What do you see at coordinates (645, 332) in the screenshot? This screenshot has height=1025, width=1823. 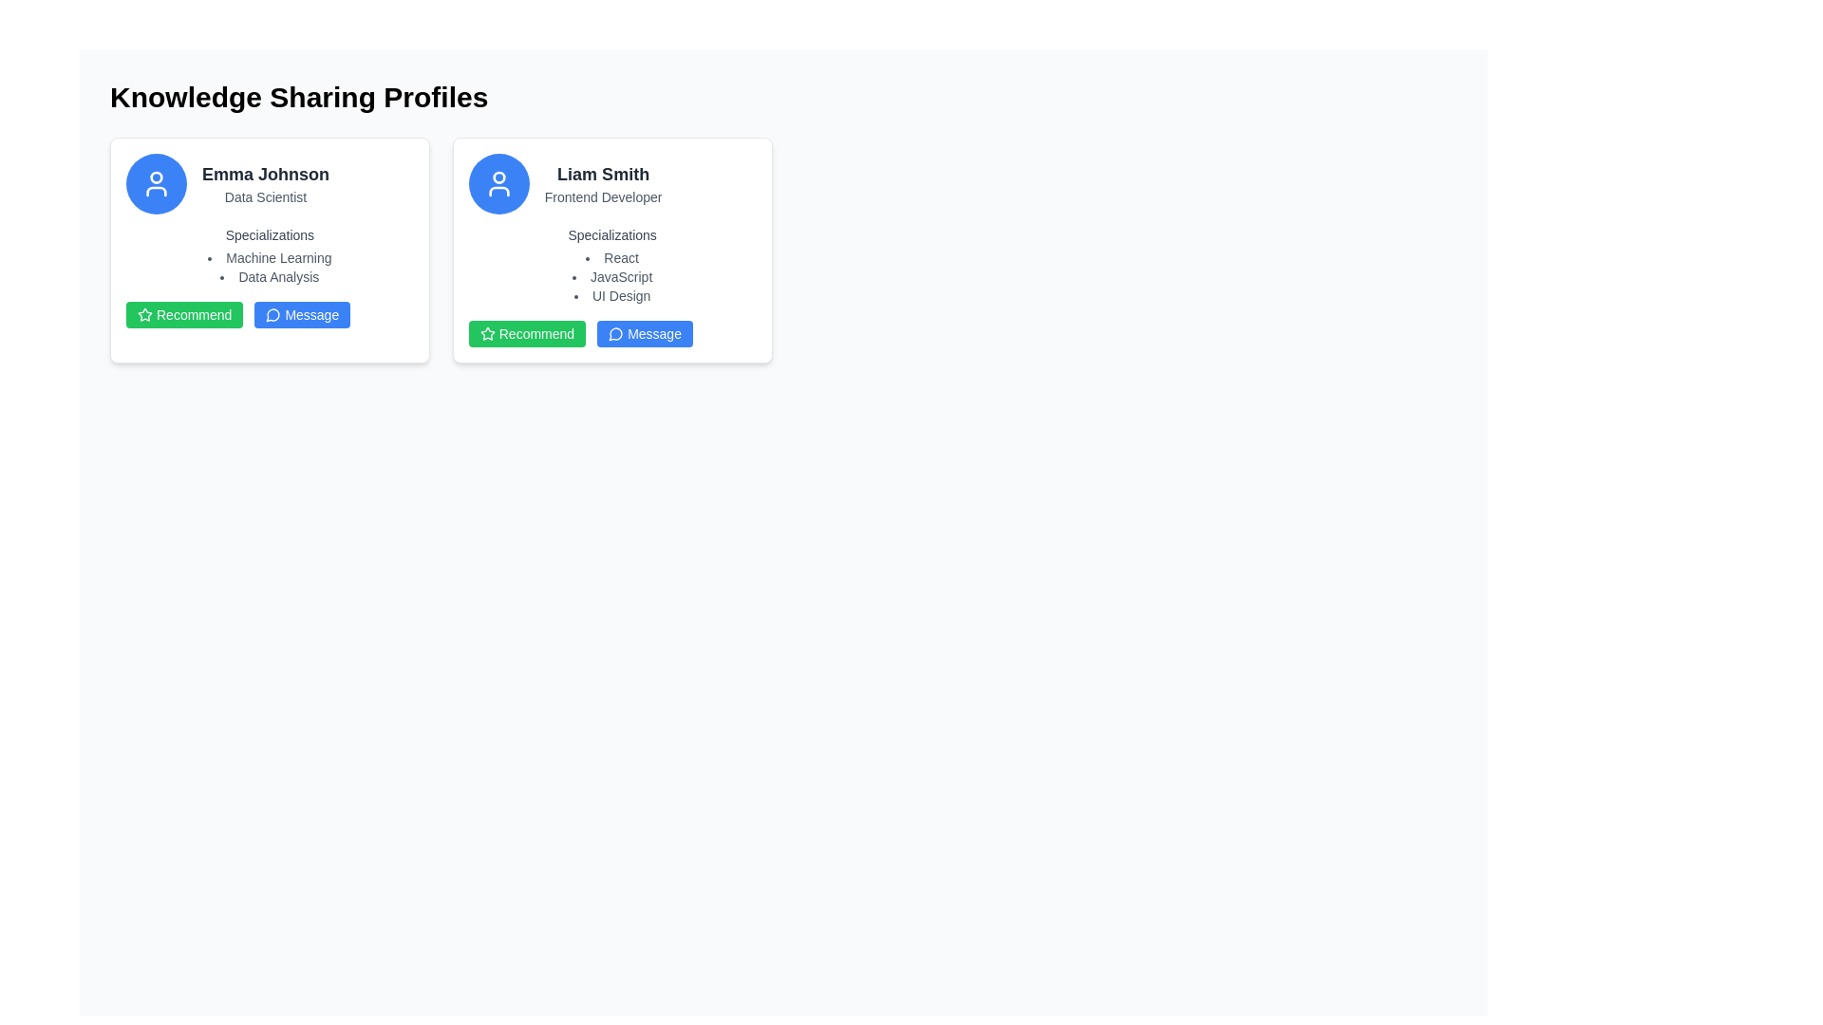 I see `the button located in the bottom-right corner of the 'Liam Smith' profile card` at bounding box center [645, 332].